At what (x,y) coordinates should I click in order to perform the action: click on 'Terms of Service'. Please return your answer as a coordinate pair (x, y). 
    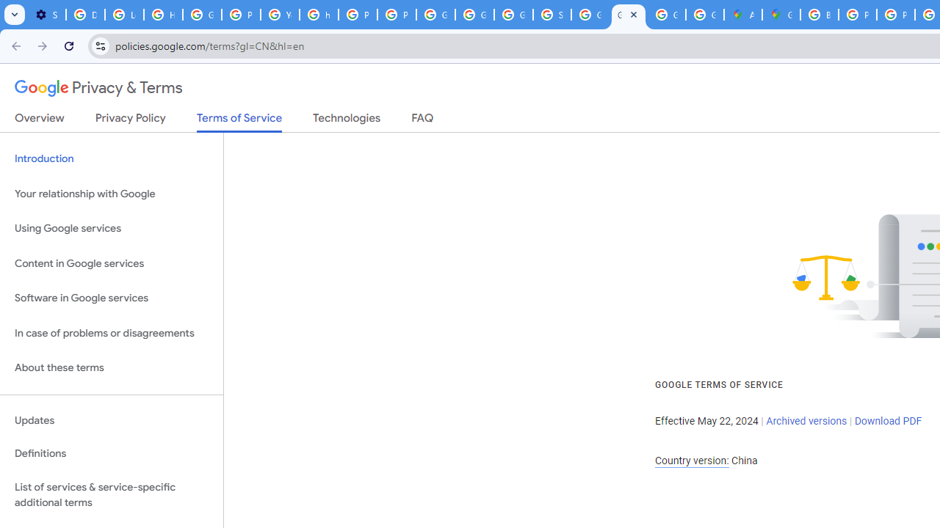
    Looking at the image, I should click on (239, 121).